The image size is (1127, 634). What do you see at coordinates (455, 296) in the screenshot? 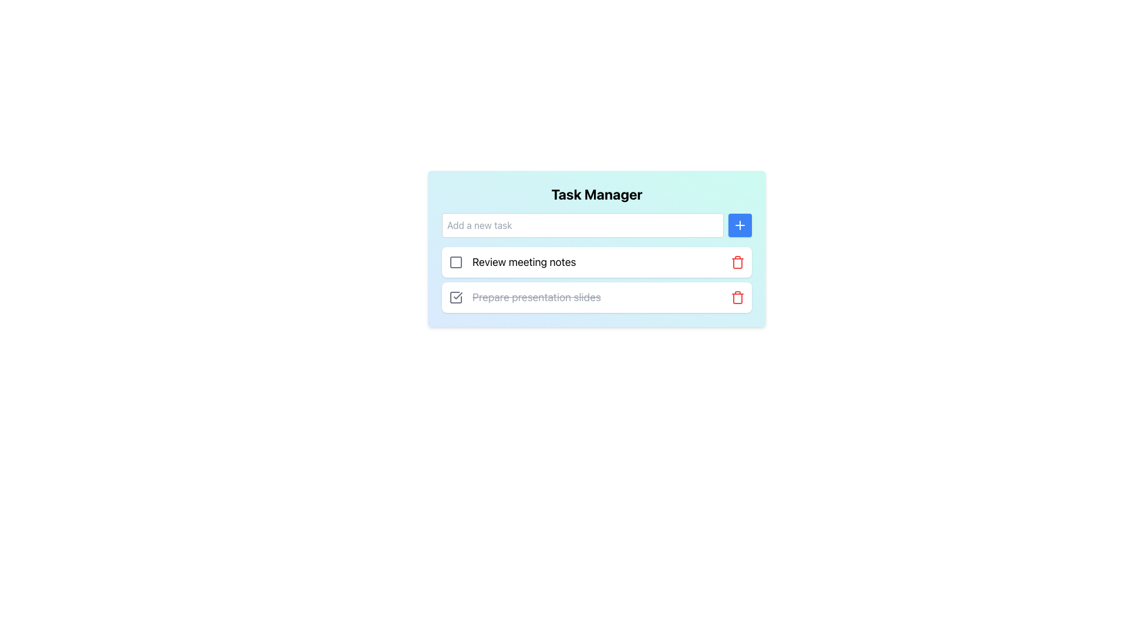
I see `the checkbox with a thin black border and checkmark symbol` at bounding box center [455, 296].